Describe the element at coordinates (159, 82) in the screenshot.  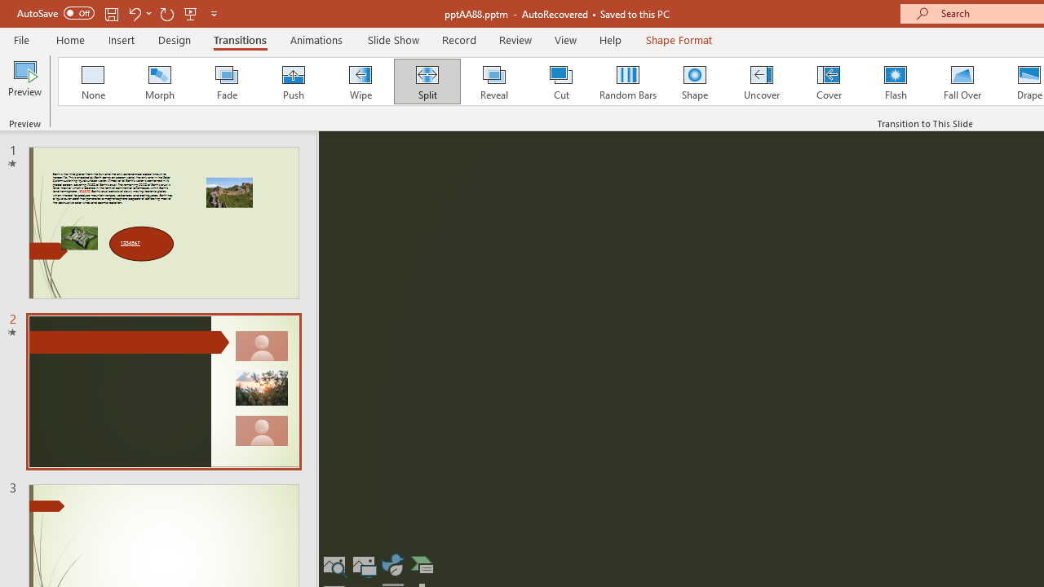
I see `'Morph'` at that location.